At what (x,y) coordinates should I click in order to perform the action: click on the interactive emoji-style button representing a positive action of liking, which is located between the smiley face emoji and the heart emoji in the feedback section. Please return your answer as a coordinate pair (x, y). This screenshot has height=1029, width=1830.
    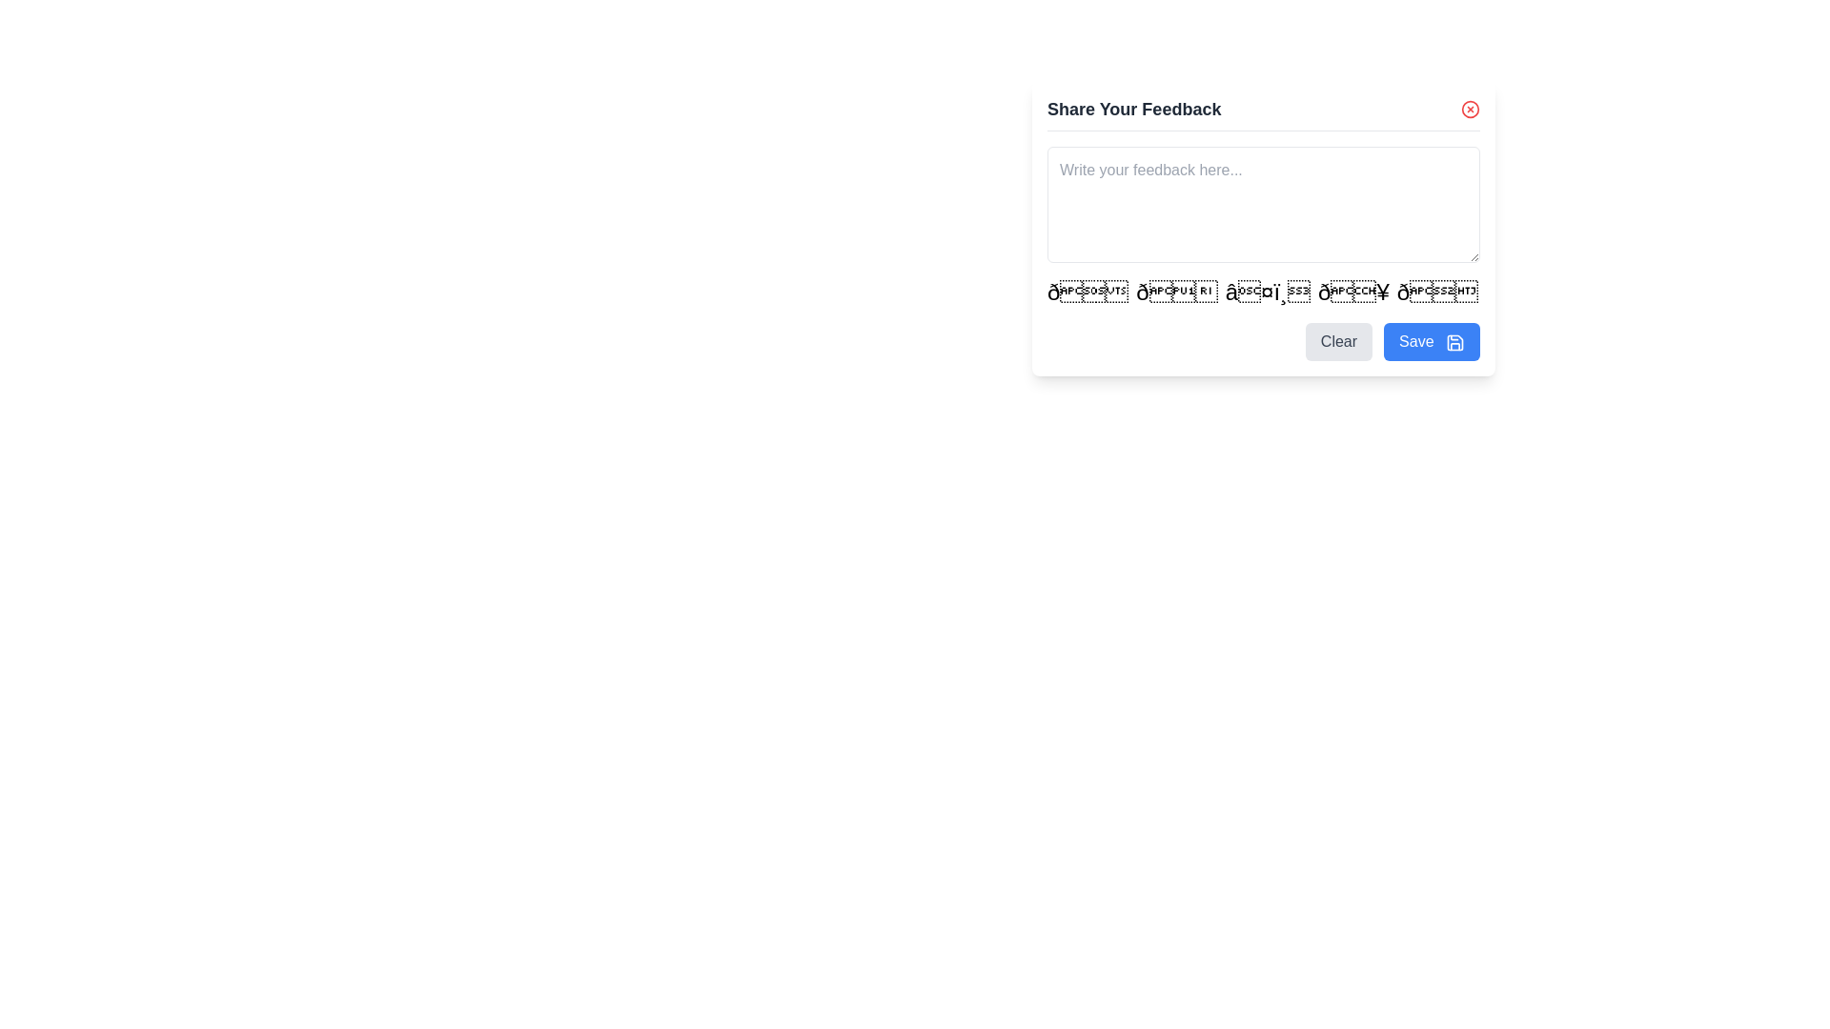
    Looking at the image, I should click on (1175, 293).